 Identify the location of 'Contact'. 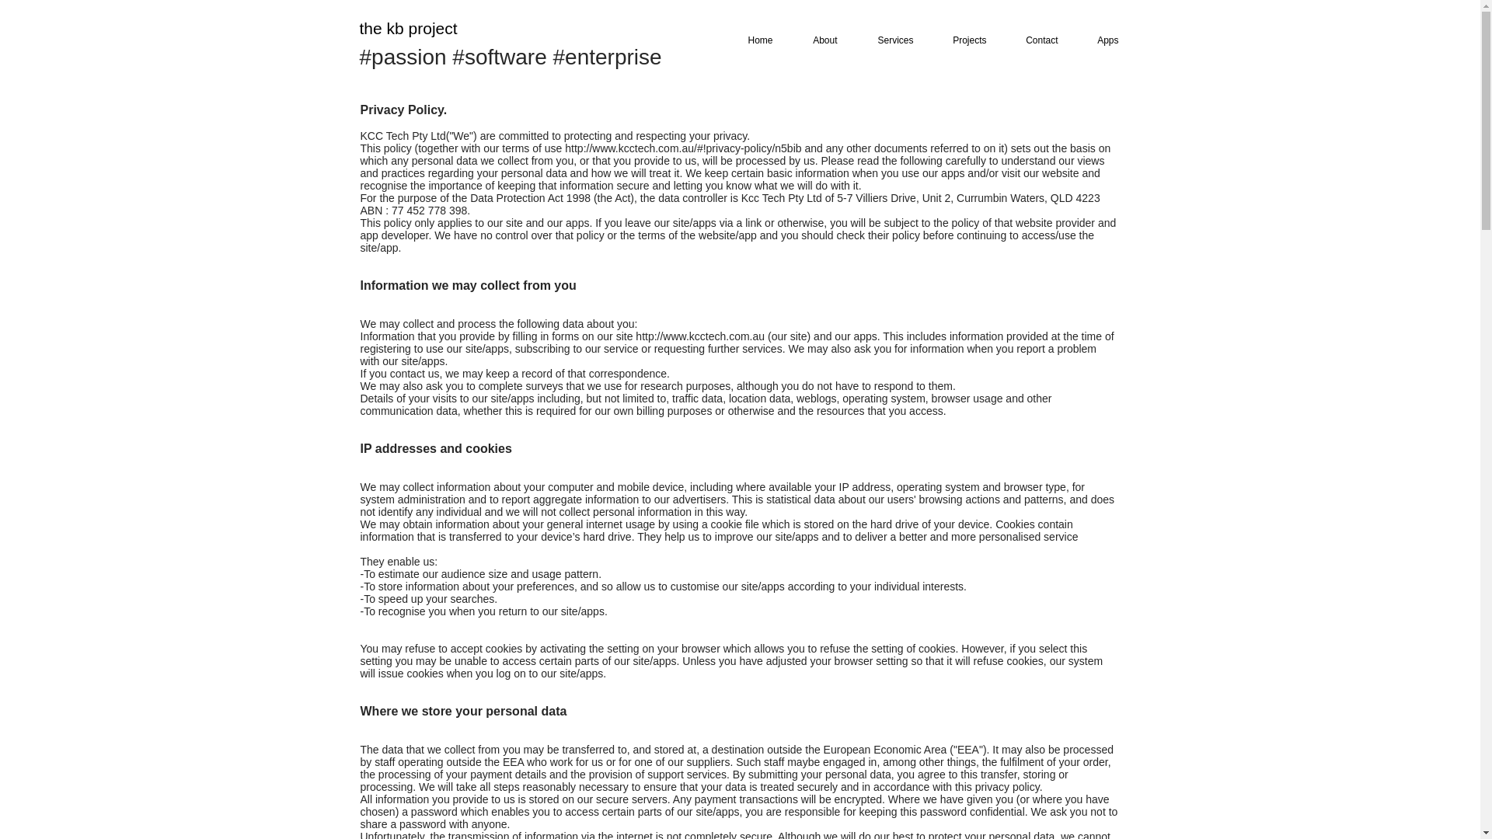
(1034, 40).